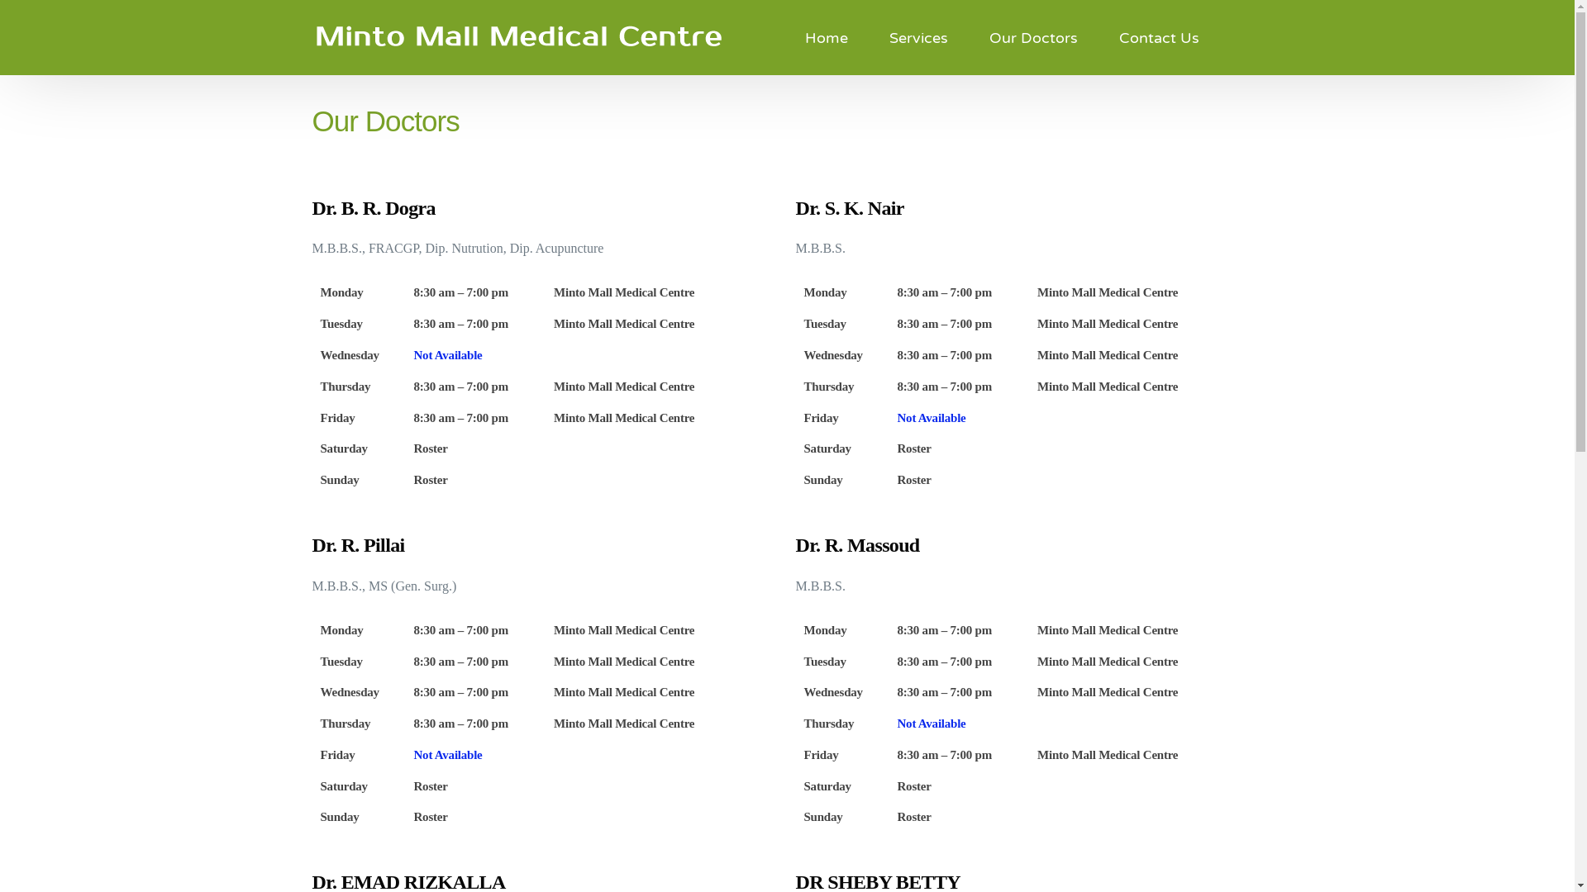 Image resolution: width=1587 pixels, height=892 pixels. What do you see at coordinates (917, 37) in the screenshot?
I see `'Services'` at bounding box center [917, 37].